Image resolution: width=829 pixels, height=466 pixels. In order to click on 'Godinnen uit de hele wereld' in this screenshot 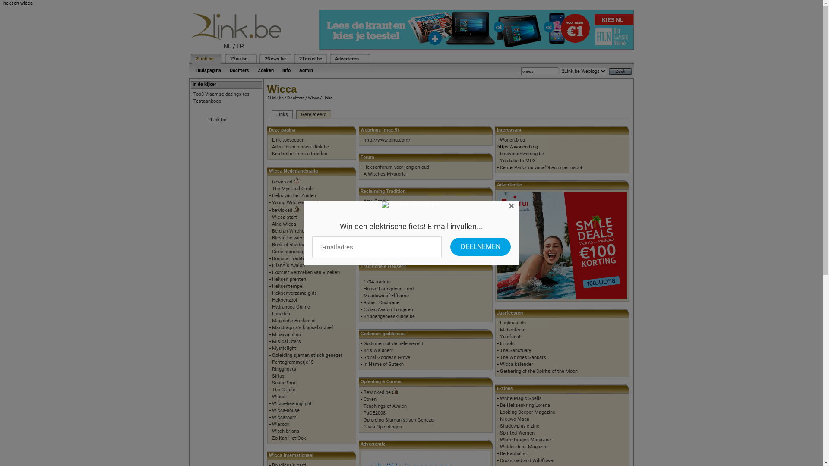, I will do `click(393, 343)`.